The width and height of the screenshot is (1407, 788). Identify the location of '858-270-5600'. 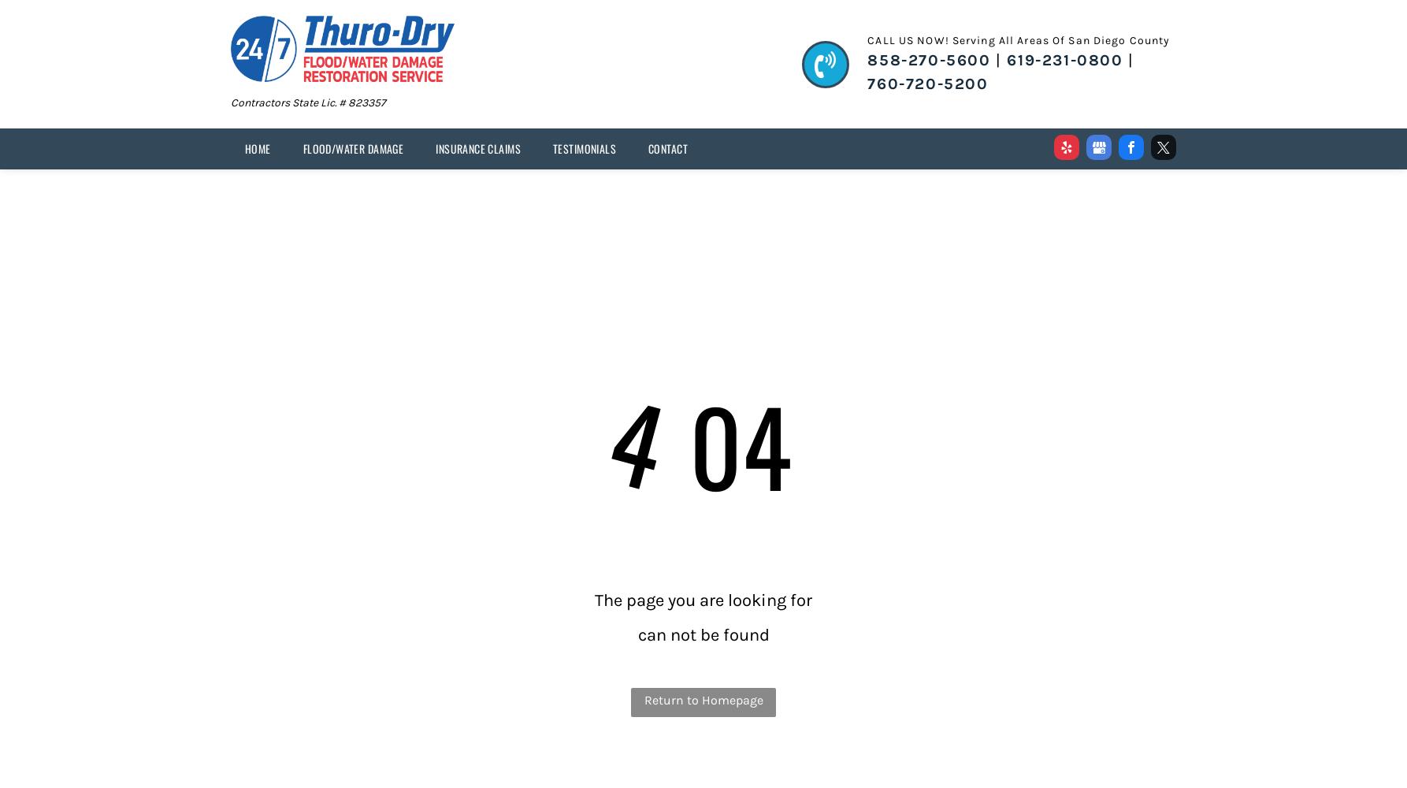
(927, 59).